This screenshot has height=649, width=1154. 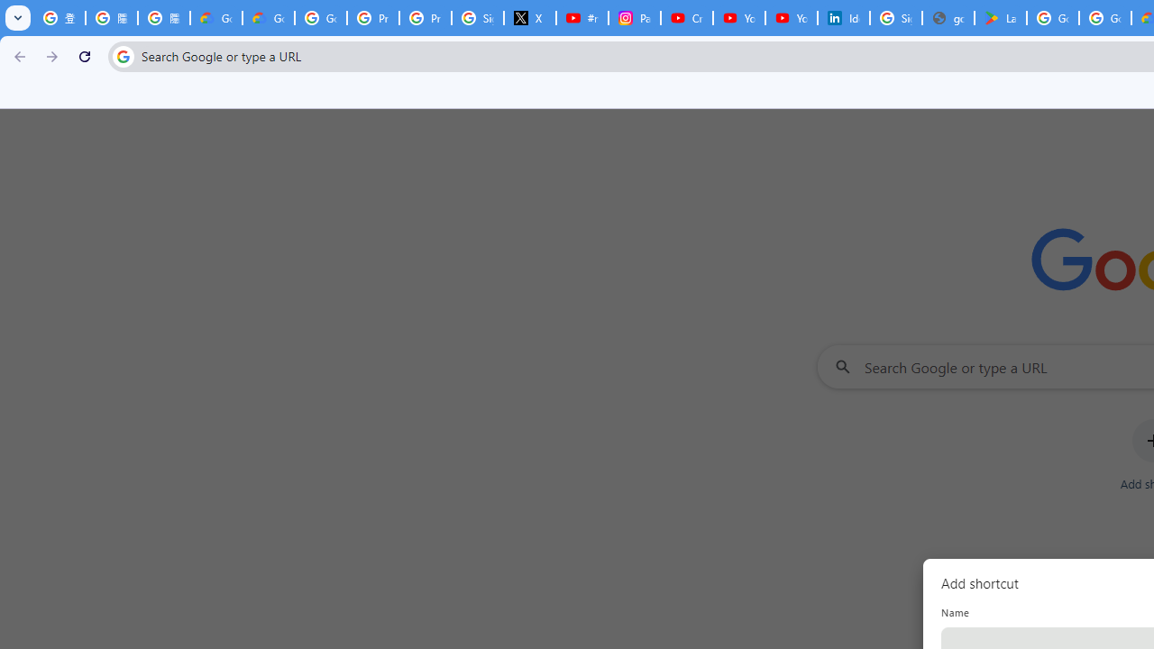 What do you see at coordinates (948, 18) in the screenshot?
I see `'google_privacy_policy_en.pdf'` at bounding box center [948, 18].